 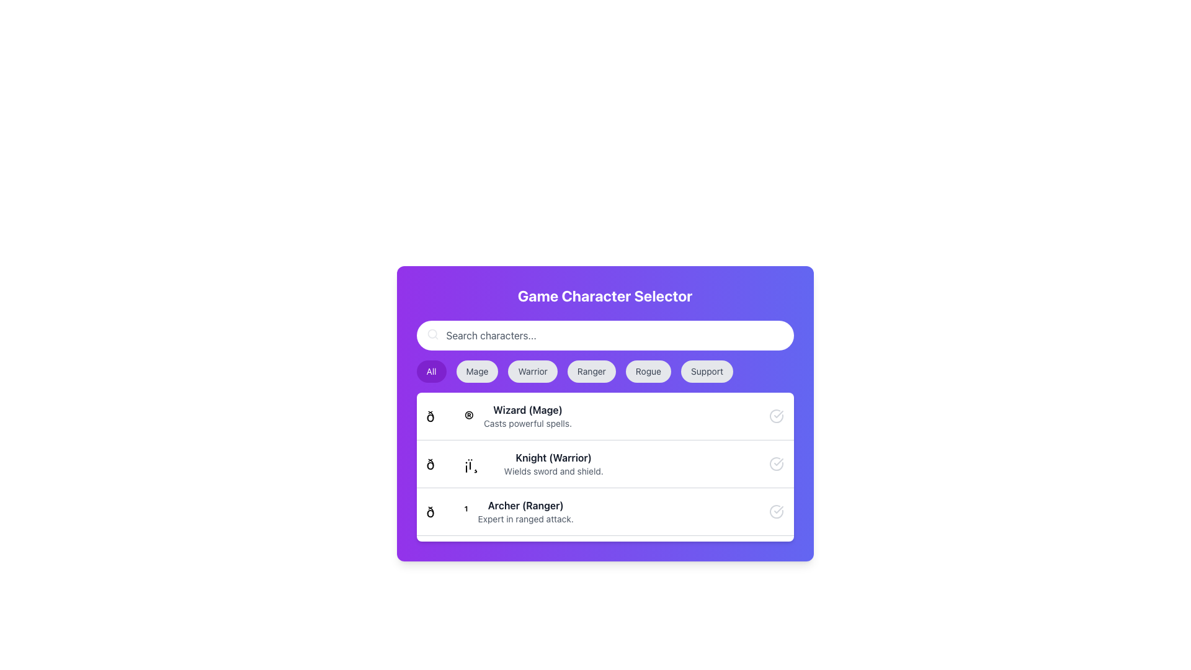 I want to click on the Text block displaying 'Archer (Ranger)' and 'Expert in ranged attack.' which is the third item in the character options list, so click(x=525, y=512).